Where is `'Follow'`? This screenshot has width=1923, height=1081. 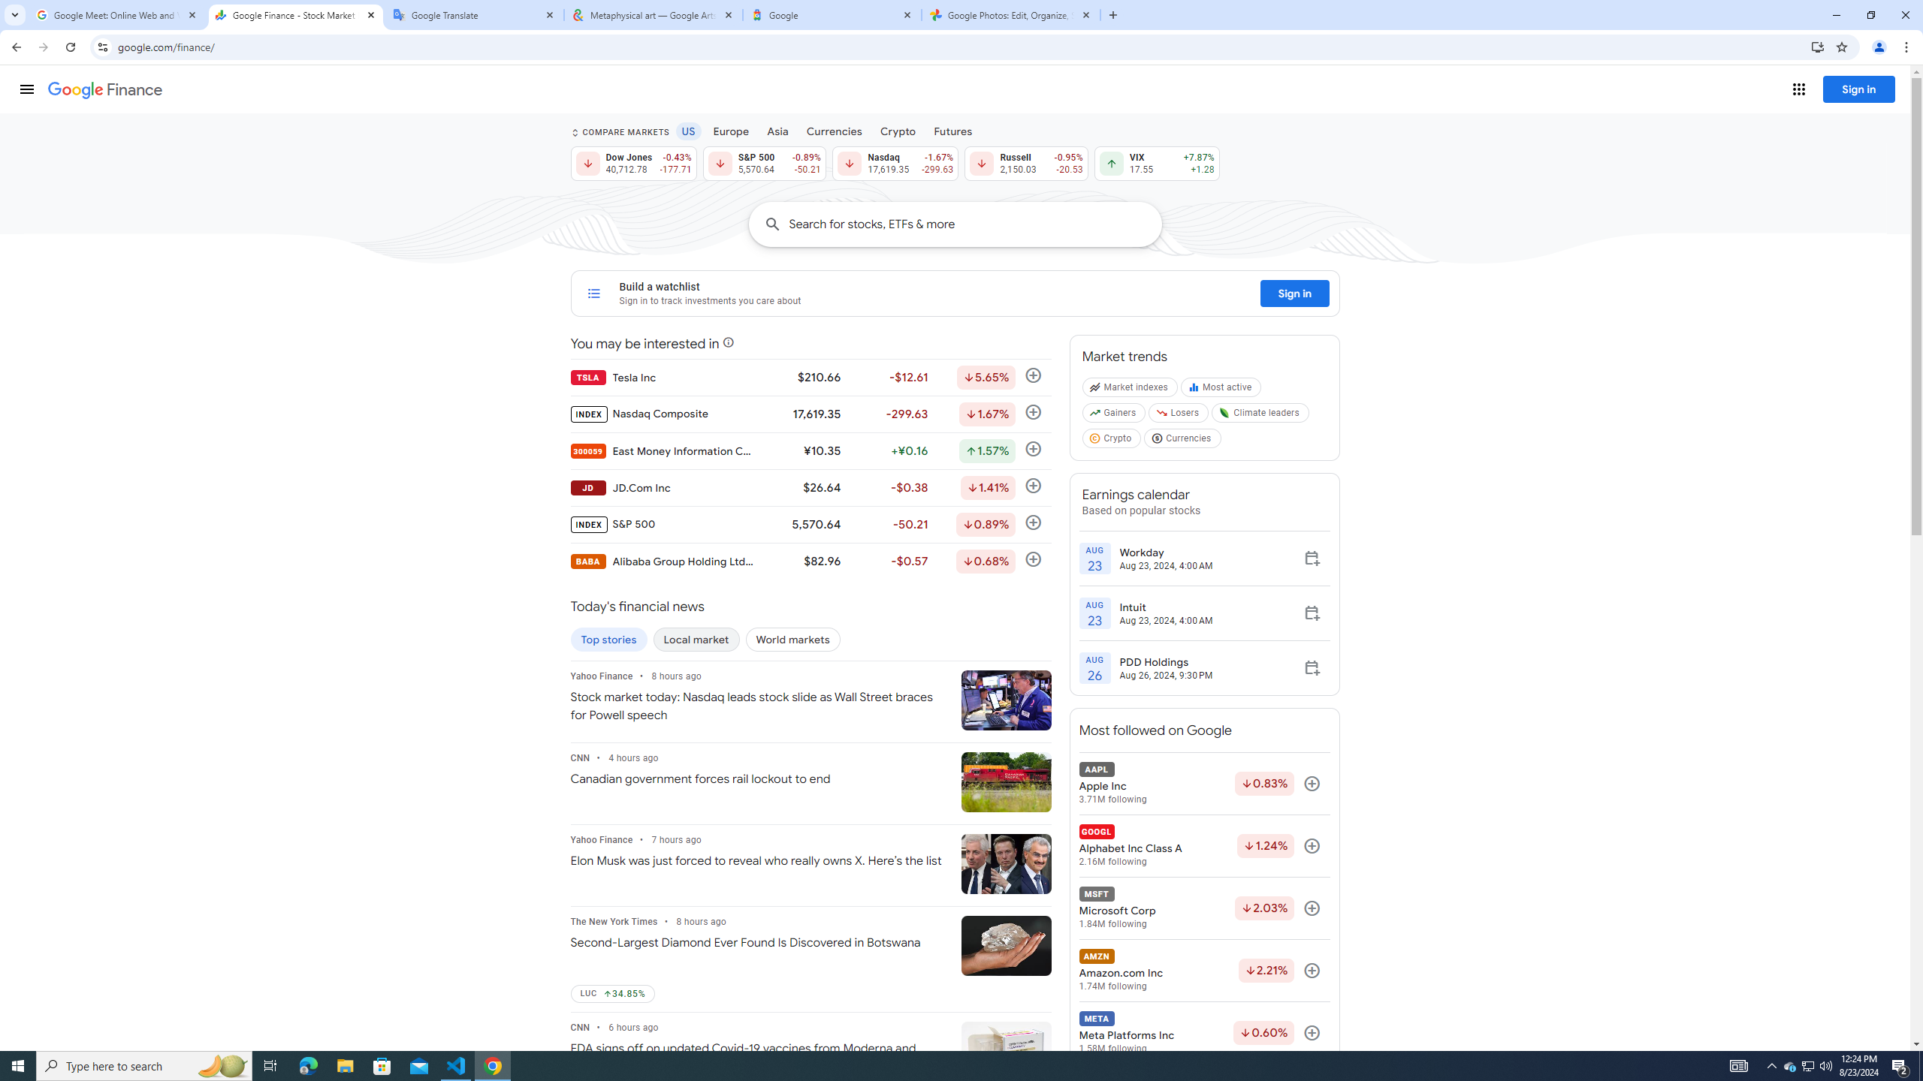 'Follow' is located at coordinates (1312, 1033).